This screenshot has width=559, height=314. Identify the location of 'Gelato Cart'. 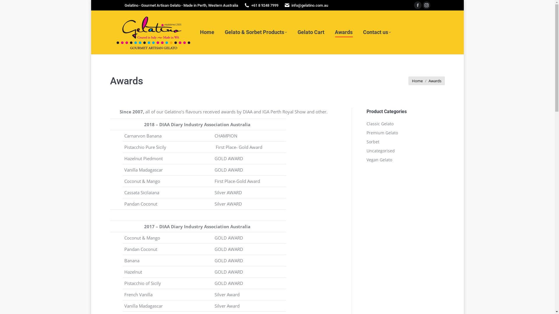
(310, 32).